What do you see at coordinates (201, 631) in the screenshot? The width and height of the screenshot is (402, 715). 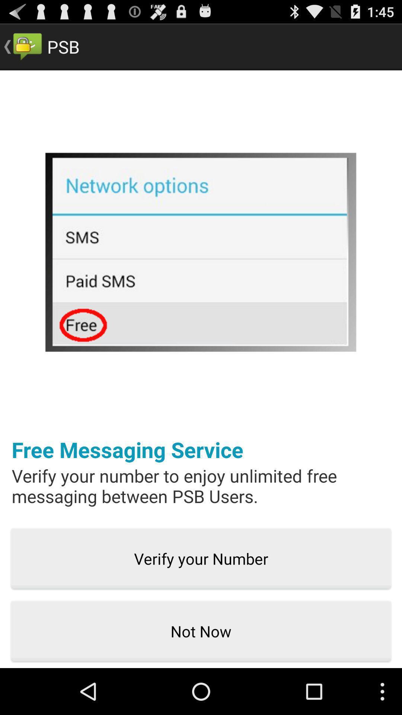 I see `button below verify your number icon` at bounding box center [201, 631].